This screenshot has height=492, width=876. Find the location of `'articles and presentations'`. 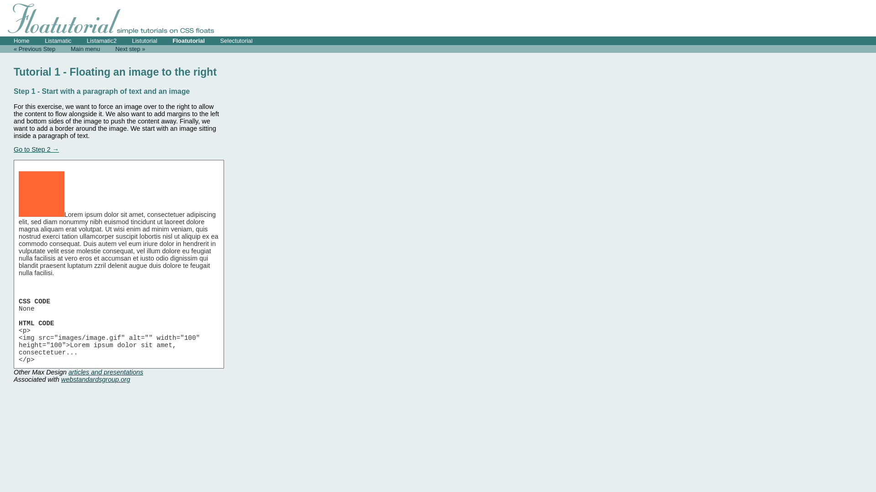

'articles and presentations' is located at coordinates (68, 372).